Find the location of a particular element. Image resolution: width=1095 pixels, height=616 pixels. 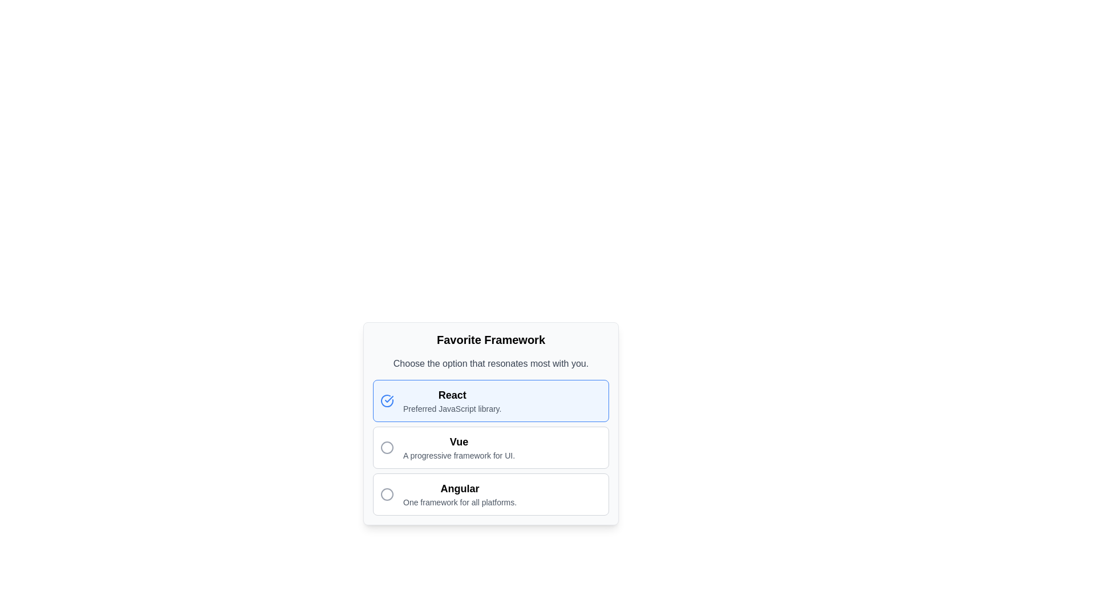

to select the checkbox for the 'Vue' option, which is the second item in a vertical list of options under the title 'Favorite Framework' is located at coordinates (490, 447).